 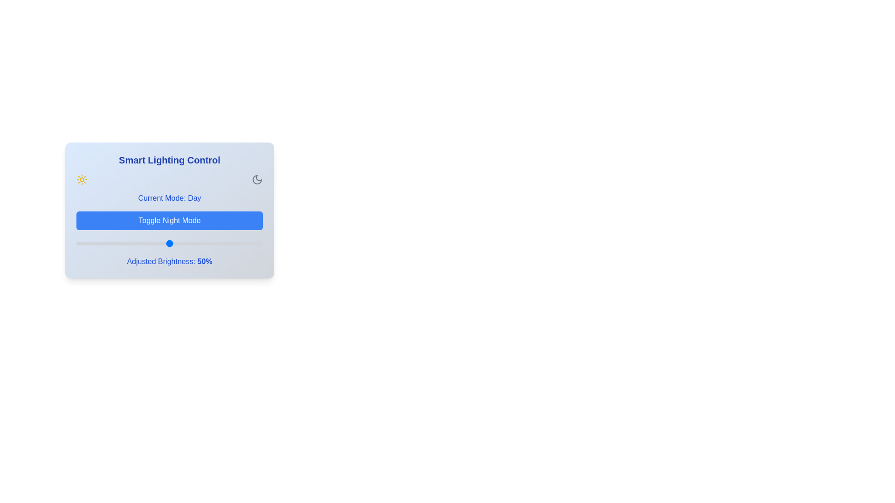 What do you see at coordinates (104, 243) in the screenshot?
I see `the brightness level` at bounding box center [104, 243].